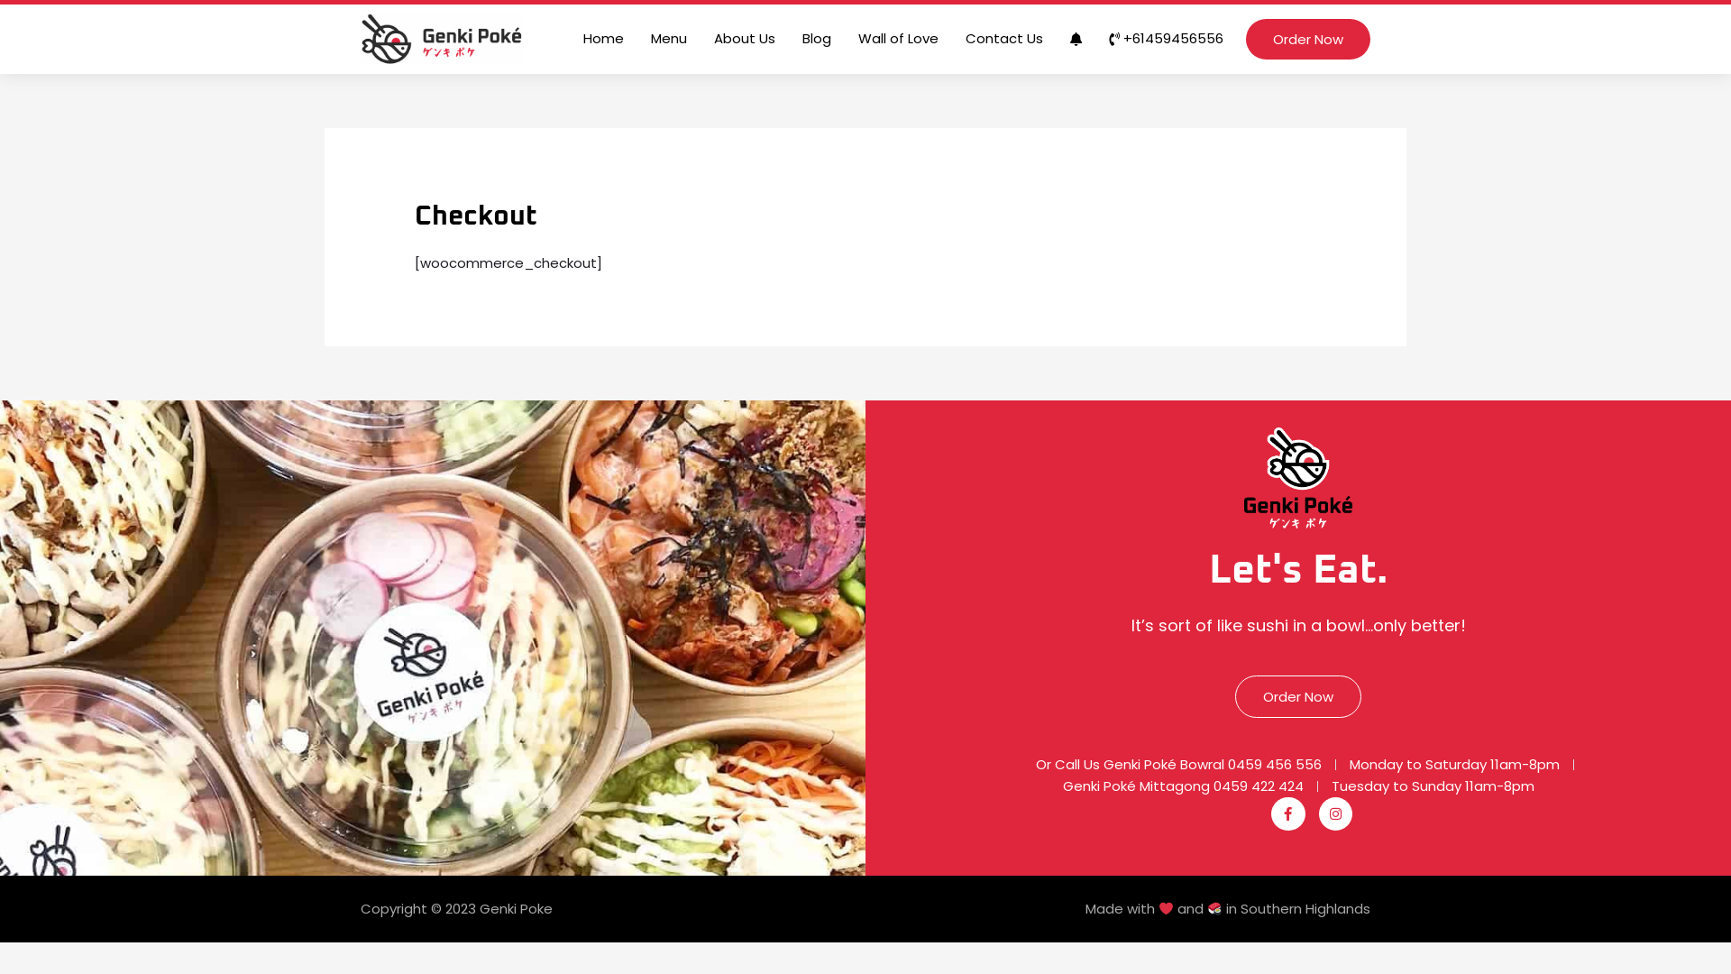  Describe the element at coordinates (1094, 38) in the screenshot. I see `'+61459456556'` at that location.